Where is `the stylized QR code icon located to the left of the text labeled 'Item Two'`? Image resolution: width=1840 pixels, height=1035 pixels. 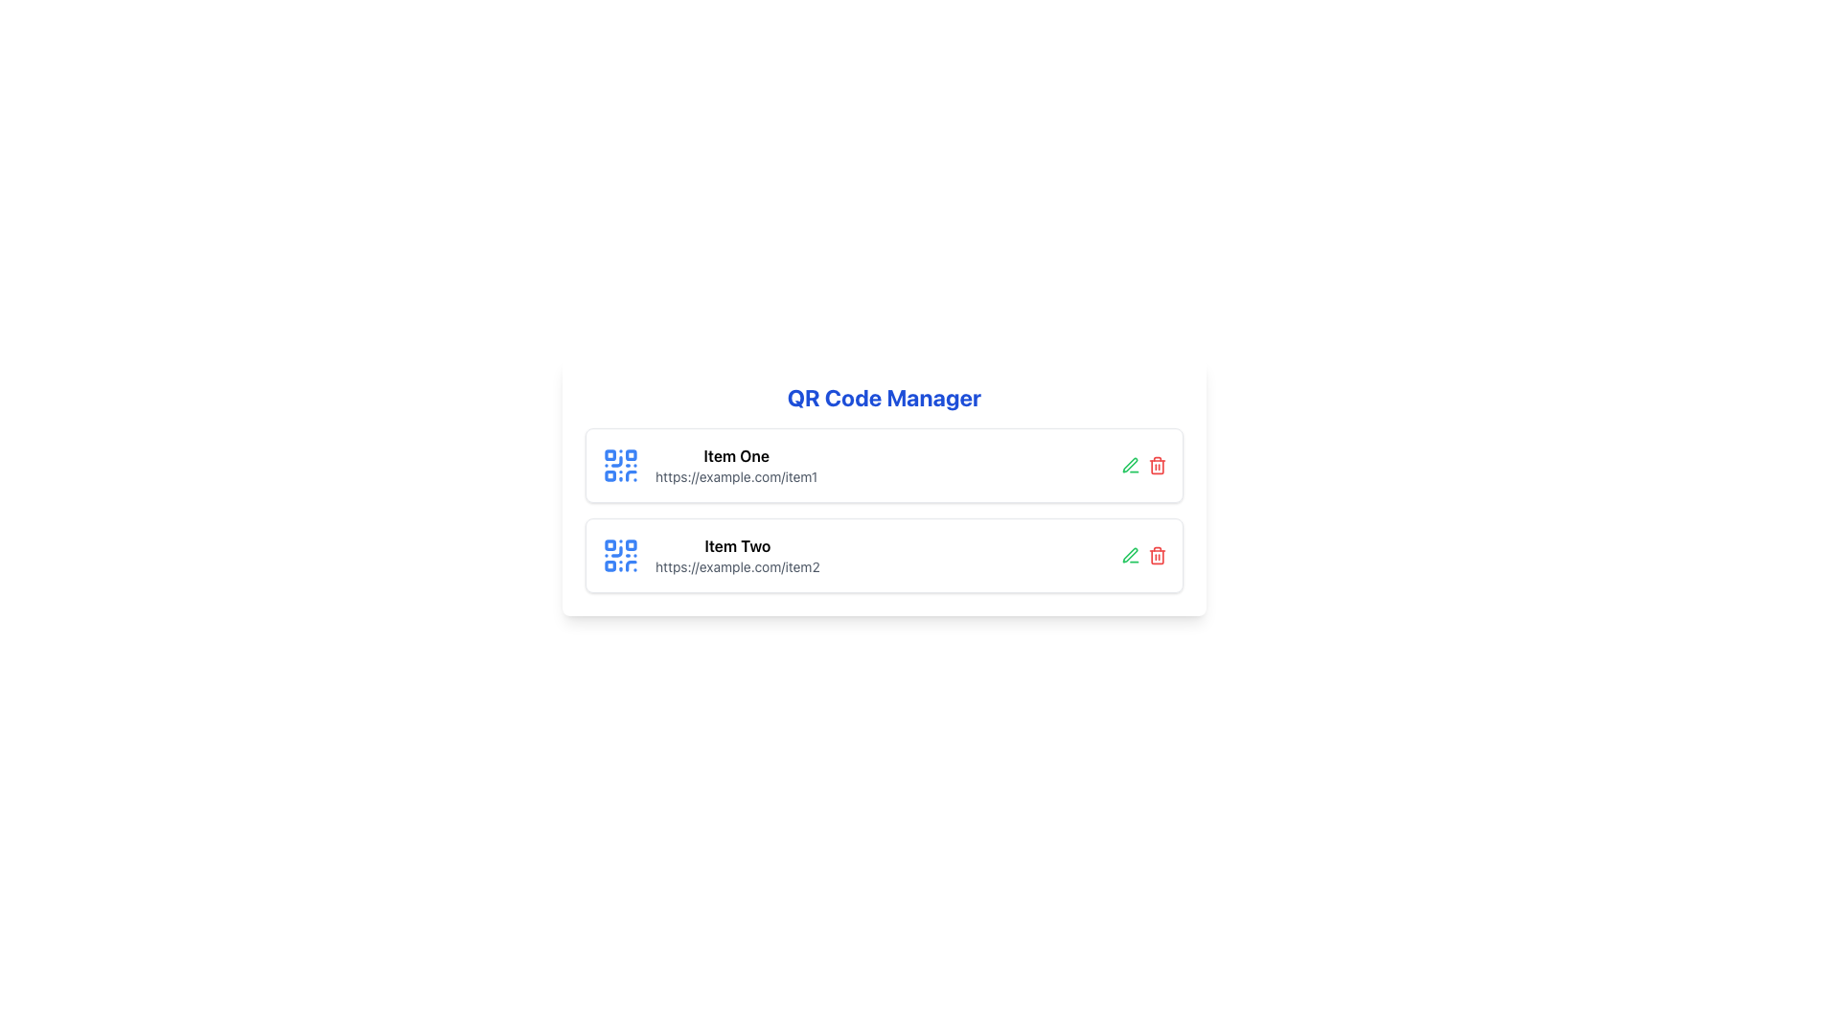 the stylized QR code icon located to the left of the text labeled 'Item Two' is located at coordinates (621, 555).